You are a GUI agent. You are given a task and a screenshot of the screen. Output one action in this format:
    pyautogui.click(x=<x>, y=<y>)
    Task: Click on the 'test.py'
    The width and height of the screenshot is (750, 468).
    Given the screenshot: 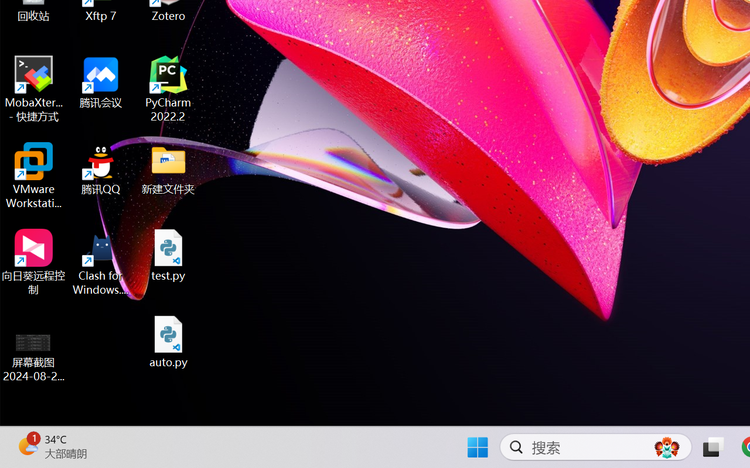 What is the action you would take?
    pyautogui.click(x=168, y=254)
    